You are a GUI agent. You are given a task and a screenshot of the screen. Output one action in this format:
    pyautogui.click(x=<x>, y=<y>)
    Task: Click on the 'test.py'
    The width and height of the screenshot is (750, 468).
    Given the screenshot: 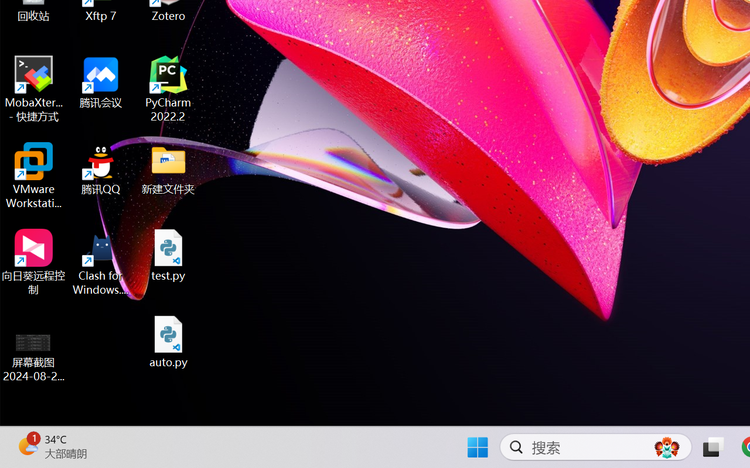 What is the action you would take?
    pyautogui.click(x=168, y=254)
    